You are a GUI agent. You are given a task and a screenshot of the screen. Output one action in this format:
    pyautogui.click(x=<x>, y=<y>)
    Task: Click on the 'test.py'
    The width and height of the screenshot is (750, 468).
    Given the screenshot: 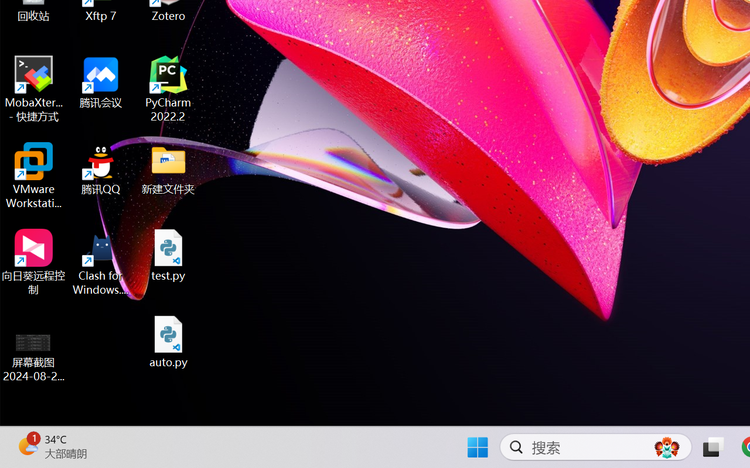 What is the action you would take?
    pyautogui.click(x=168, y=254)
    